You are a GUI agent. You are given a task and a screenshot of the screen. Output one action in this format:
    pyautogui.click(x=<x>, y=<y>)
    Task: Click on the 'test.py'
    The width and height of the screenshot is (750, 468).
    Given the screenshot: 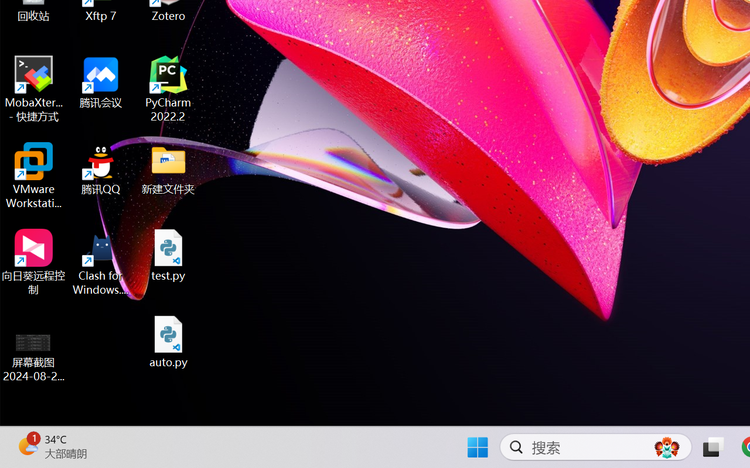 What is the action you would take?
    pyautogui.click(x=168, y=254)
    